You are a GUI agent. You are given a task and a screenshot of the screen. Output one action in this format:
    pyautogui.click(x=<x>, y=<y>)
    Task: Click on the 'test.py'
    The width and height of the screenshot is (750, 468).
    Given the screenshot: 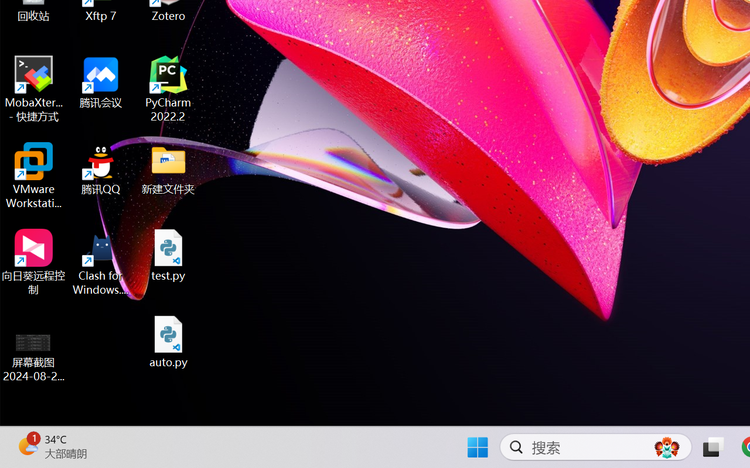 What is the action you would take?
    pyautogui.click(x=168, y=254)
    